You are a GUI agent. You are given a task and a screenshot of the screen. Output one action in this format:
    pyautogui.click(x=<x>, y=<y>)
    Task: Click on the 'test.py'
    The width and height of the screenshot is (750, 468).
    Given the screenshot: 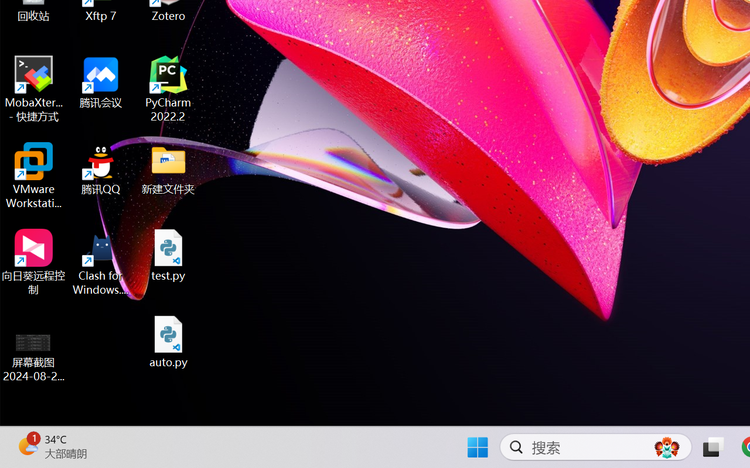 What is the action you would take?
    pyautogui.click(x=168, y=254)
    